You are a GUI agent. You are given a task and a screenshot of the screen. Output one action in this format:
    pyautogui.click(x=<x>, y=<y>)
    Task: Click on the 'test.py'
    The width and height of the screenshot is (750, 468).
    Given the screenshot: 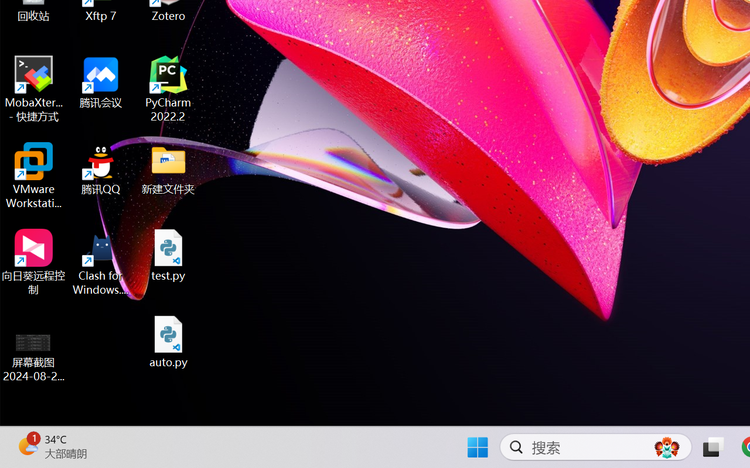 What is the action you would take?
    pyautogui.click(x=168, y=254)
    